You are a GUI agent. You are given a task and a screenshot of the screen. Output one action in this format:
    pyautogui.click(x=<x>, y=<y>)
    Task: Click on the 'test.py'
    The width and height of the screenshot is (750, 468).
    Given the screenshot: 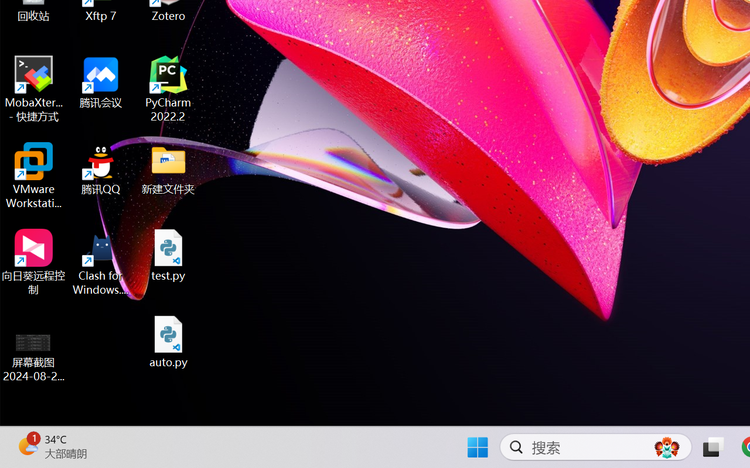 What is the action you would take?
    pyautogui.click(x=168, y=254)
    